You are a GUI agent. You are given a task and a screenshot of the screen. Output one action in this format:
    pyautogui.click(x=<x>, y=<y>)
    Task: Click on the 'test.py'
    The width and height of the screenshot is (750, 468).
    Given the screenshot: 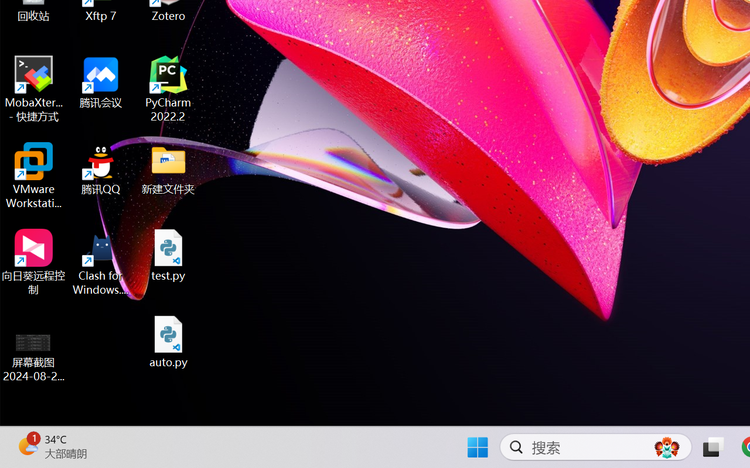 What is the action you would take?
    pyautogui.click(x=168, y=254)
    